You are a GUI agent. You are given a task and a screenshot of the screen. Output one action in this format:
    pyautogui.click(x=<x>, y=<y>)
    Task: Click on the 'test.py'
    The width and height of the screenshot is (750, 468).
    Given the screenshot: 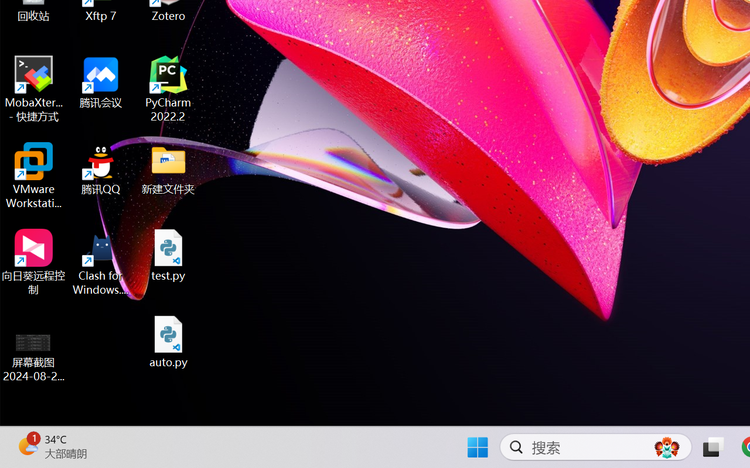 What is the action you would take?
    pyautogui.click(x=168, y=254)
    